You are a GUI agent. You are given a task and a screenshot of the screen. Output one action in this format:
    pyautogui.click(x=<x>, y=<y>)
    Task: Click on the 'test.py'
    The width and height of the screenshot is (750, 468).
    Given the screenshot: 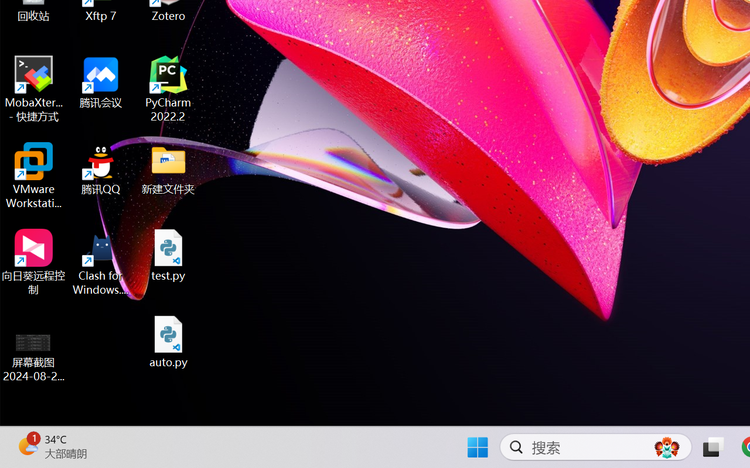 What is the action you would take?
    pyautogui.click(x=168, y=254)
    